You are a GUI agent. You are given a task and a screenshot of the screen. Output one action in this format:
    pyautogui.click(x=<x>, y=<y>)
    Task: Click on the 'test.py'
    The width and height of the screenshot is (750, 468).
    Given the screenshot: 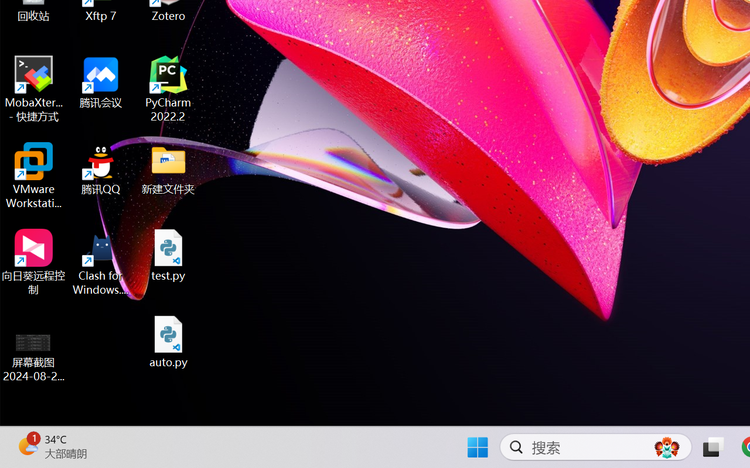 What is the action you would take?
    pyautogui.click(x=168, y=254)
    